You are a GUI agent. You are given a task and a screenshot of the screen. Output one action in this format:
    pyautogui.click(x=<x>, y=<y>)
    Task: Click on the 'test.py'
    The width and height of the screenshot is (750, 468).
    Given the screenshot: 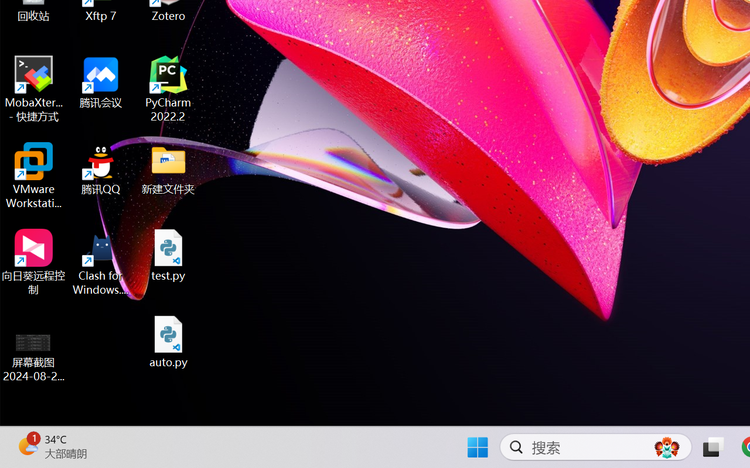 What is the action you would take?
    pyautogui.click(x=168, y=254)
    